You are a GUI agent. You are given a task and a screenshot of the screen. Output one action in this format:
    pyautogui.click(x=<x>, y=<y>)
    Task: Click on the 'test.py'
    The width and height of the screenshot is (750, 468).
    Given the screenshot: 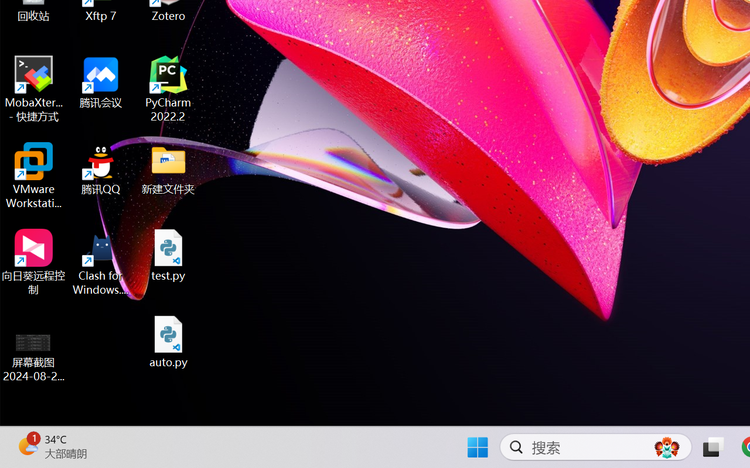 What is the action you would take?
    pyautogui.click(x=168, y=254)
    